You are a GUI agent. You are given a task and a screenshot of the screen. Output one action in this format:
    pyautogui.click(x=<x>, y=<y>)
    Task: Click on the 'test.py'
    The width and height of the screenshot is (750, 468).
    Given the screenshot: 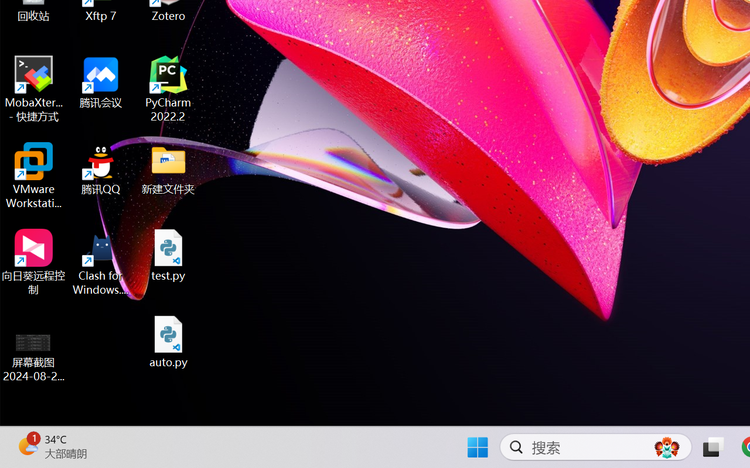 What is the action you would take?
    pyautogui.click(x=168, y=254)
    